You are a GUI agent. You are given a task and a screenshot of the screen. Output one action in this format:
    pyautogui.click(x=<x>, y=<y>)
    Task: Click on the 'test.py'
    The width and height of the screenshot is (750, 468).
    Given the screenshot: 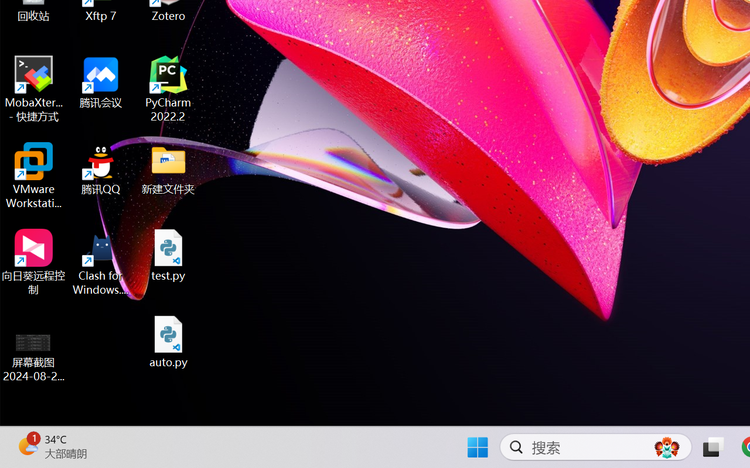 What is the action you would take?
    pyautogui.click(x=168, y=254)
    